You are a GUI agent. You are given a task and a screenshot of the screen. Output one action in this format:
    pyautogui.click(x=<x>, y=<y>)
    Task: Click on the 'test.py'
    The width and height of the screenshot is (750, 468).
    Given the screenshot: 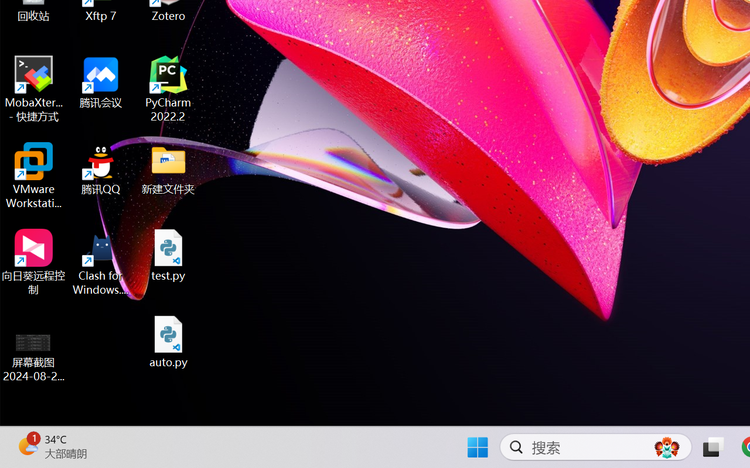 What is the action you would take?
    pyautogui.click(x=168, y=254)
    